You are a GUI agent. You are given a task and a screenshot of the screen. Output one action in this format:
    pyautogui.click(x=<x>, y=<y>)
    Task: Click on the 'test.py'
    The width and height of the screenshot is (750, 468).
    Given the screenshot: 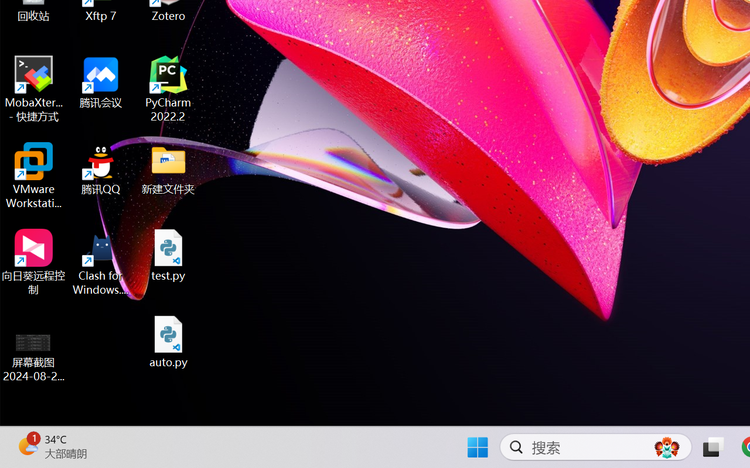 What is the action you would take?
    pyautogui.click(x=168, y=254)
    